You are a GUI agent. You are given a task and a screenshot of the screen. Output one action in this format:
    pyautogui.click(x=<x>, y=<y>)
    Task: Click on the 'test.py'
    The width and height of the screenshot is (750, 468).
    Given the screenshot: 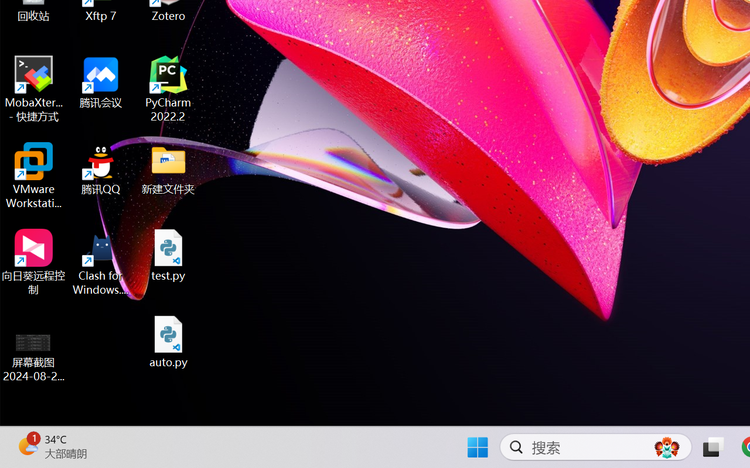 What is the action you would take?
    pyautogui.click(x=168, y=254)
    